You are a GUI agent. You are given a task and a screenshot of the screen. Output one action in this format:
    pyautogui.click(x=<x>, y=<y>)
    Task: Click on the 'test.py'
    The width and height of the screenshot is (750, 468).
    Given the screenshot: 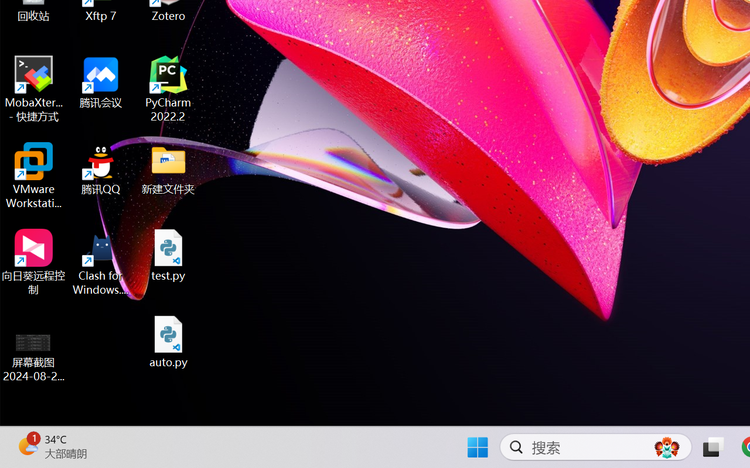 What is the action you would take?
    pyautogui.click(x=168, y=254)
    